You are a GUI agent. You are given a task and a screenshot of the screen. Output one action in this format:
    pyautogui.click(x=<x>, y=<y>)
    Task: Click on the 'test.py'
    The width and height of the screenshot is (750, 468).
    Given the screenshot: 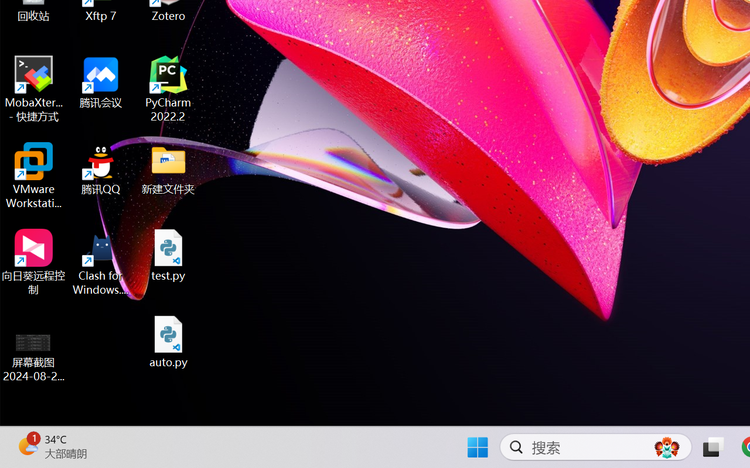 What is the action you would take?
    pyautogui.click(x=168, y=254)
    